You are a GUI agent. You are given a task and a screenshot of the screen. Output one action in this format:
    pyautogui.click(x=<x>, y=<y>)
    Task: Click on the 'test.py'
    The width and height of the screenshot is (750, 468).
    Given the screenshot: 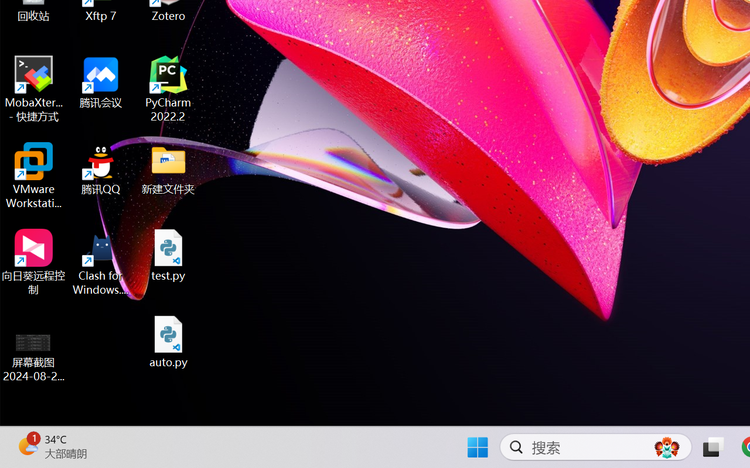 What is the action you would take?
    pyautogui.click(x=168, y=254)
    